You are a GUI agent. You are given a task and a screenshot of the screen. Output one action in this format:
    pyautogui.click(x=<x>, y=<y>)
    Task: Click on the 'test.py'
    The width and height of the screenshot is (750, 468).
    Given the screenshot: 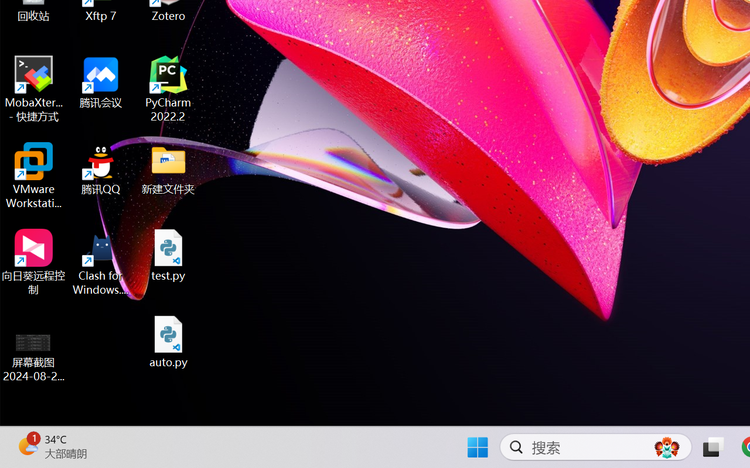 What is the action you would take?
    pyautogui.click(x=168, y=254)
    